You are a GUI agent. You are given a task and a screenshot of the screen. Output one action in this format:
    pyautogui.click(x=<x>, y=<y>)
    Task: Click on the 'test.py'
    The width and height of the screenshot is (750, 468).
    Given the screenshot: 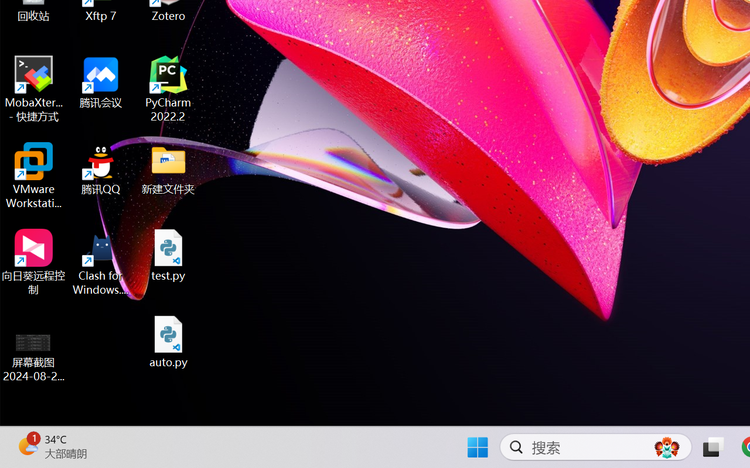 What is the action you would take?
    pyautogui.click(x=168, y=254)
    